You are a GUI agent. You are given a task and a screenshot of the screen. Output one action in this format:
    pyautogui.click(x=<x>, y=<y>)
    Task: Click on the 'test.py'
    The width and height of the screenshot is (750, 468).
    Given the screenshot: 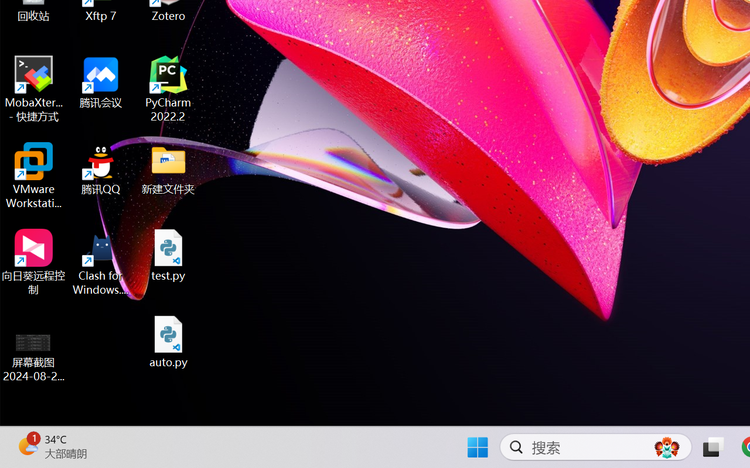 What is the action you would take?
    pyautogui.click(x=168, y=254)
    